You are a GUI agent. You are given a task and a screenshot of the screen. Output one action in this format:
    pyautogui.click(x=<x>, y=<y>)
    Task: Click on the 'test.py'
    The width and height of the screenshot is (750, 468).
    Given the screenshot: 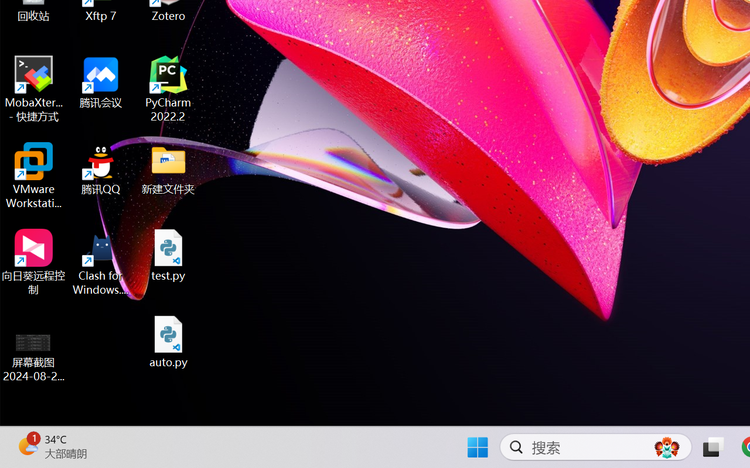 What is the action you would take?
    pyautogui.click(x=168, y=254)
    